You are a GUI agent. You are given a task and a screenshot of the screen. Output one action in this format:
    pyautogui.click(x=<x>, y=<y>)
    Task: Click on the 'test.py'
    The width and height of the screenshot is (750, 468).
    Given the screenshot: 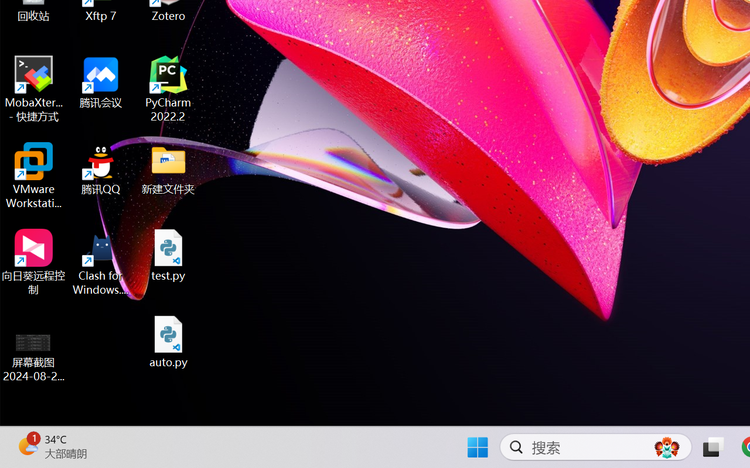 What is the action you would take?
    pyautogui.click(x=168, y=254)
    